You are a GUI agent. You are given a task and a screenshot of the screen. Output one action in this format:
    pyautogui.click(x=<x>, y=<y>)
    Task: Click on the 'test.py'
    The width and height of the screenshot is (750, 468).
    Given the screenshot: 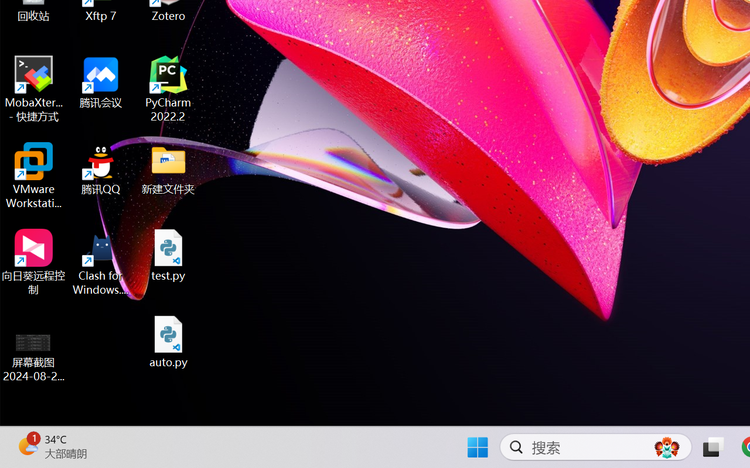 What is the action you would take?
    pyautogui.click(x=168, y=254)
    